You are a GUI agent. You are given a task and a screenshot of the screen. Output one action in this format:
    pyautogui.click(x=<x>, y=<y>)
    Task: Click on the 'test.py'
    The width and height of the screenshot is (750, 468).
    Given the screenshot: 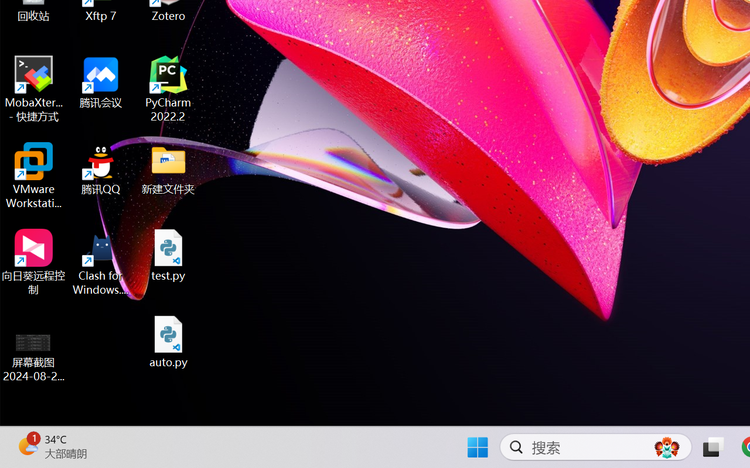 What is the action you would take?
    pyautogui.click(x=168, y=254)
    